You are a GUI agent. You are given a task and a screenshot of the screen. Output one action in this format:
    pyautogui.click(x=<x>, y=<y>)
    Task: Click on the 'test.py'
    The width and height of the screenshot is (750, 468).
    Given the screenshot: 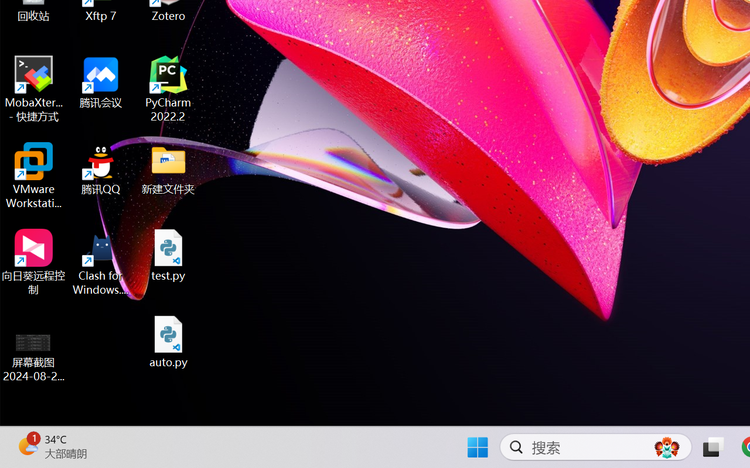 What is the action you would take?
    pyautogui.click(x=168, y=254)
    